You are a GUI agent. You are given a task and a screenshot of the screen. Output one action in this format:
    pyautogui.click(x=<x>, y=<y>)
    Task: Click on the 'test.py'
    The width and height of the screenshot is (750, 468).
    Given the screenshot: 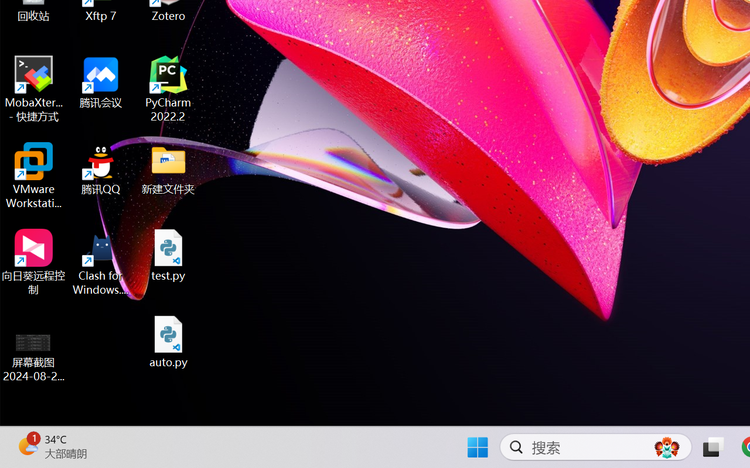 What is the action you would take?
    pyautogui.click(x=168, y=254)
    